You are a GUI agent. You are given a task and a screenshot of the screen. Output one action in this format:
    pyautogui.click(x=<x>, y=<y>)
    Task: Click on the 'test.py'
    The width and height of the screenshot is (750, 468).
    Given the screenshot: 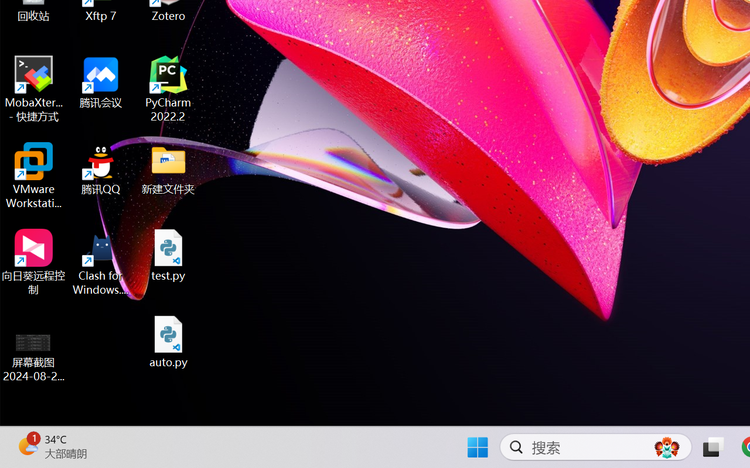 What is the action you would take?
    pyautogui.click(x=168, y=254)
    